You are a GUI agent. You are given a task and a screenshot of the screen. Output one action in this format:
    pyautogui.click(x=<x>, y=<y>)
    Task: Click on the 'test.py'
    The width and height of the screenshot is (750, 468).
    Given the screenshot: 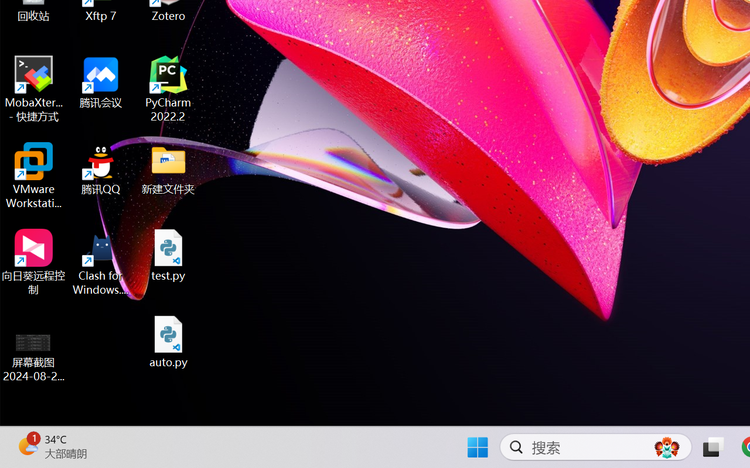 What is the action you would take?
    pyautogui.click(x=168, y=254)
    